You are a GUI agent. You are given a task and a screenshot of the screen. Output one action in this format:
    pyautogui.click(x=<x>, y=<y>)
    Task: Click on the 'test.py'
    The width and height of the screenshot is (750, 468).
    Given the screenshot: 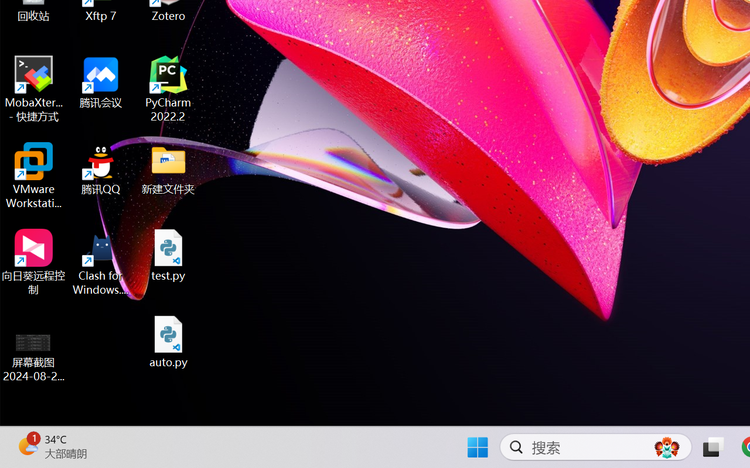 What is the action you would take?
    pyautogui.click(x=168, y=254)
    